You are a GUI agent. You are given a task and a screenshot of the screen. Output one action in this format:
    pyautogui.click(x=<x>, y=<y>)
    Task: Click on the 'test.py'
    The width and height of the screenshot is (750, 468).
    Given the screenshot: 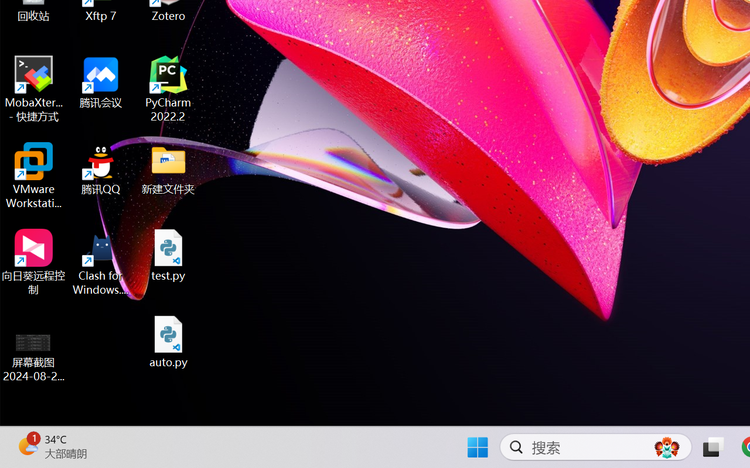 What is the action you would take?
    pyautogui.click(x=168, y=254)
    